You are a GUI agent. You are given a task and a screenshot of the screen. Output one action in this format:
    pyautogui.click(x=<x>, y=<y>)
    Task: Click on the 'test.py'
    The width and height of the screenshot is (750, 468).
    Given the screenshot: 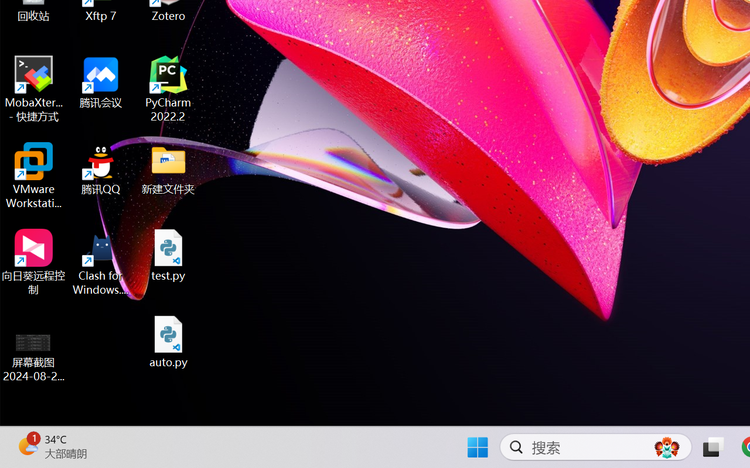 What is the action you would take?
    pyautogui.click(x=168, y=254)
    